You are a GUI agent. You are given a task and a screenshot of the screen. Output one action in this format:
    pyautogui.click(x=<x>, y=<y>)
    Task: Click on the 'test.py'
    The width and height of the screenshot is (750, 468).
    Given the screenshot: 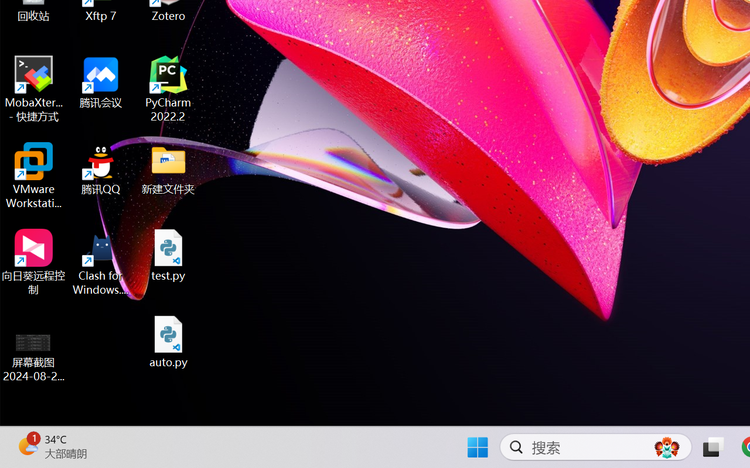 What is the action you would take?
    pyautogui.click(x=168, y=254)
    